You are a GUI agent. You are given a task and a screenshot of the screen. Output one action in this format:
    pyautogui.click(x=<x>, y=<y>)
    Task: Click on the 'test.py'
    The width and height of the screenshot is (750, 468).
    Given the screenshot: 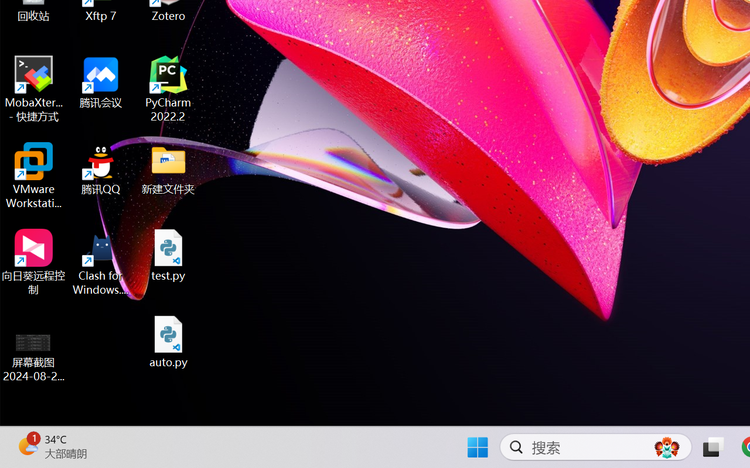 What is the action you would take?
    pyautogui.click(x=168, y=254)
    